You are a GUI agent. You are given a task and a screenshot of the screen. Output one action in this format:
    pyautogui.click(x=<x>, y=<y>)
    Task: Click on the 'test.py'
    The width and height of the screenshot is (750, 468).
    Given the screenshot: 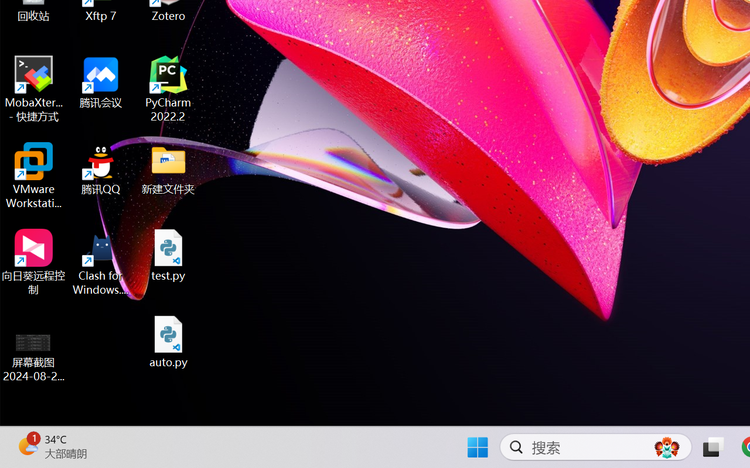 What is the action you would take?
    pyautogui.click(x=168, y=254)
    